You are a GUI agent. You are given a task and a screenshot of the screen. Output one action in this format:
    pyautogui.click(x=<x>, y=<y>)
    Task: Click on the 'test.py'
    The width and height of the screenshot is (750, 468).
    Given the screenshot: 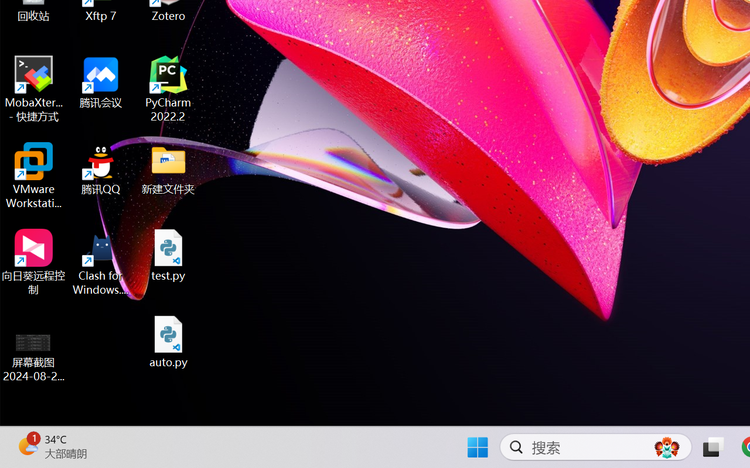 What is the action you would take?
    pyautogui.click(x=168, y=254)
    